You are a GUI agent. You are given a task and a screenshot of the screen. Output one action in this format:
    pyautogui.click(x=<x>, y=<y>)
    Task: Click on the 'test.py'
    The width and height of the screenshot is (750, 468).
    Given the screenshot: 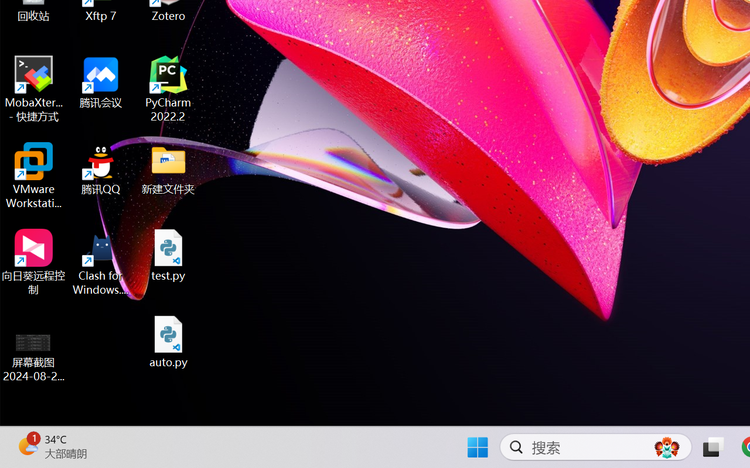 What is the action you would take?
    pyautogui.click(x=168, y=254)
    